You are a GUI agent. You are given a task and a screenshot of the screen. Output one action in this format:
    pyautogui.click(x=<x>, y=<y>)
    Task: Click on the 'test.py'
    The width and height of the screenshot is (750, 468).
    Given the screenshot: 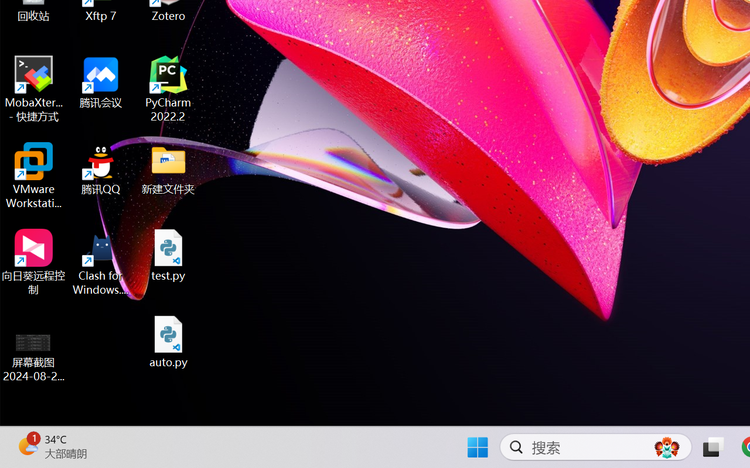 What is the action you would take?
    pyautogui.click(x=168, y=254)
    